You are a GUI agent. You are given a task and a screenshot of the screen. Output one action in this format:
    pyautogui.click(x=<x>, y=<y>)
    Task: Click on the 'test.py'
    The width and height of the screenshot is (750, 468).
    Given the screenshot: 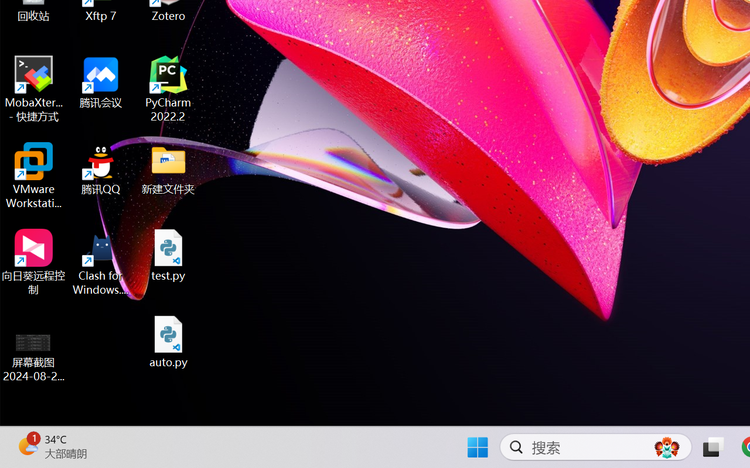 What is the action you would take?
    pyautogui.click(x=168, y=254)
    